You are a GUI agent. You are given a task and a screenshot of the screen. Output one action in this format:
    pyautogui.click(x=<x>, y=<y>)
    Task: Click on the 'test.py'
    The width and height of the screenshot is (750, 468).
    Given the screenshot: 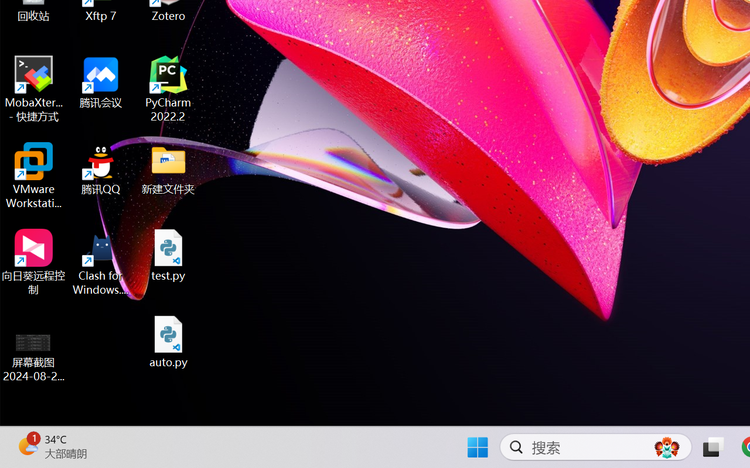 What is the action you would take?
    pyautogui.click(x=168, y=254)
    